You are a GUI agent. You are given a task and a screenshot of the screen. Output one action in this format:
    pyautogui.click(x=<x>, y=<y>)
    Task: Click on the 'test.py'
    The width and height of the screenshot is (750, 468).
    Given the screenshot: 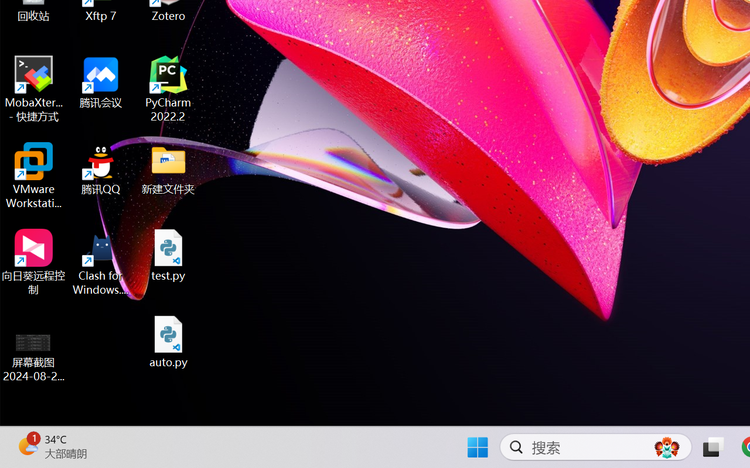 What is the action you would take?
    pyautogui.click(x=168, y=254)
    